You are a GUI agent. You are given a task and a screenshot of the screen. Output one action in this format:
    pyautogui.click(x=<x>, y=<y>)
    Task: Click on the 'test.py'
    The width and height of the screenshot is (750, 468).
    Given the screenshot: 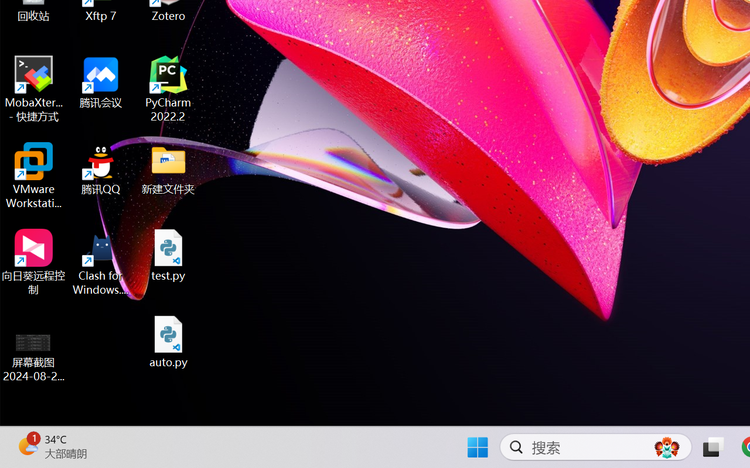 What is the action you would take?
    pyautogui.click(x=168, y=254)
    